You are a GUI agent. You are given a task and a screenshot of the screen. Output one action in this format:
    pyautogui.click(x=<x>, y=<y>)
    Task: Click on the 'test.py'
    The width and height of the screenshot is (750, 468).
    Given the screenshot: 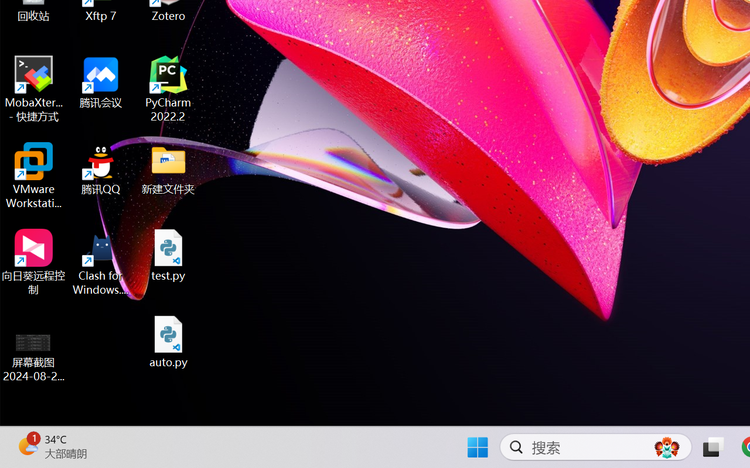 What is the action you would take?
    pyautogui.click(x=168, y=254)
    